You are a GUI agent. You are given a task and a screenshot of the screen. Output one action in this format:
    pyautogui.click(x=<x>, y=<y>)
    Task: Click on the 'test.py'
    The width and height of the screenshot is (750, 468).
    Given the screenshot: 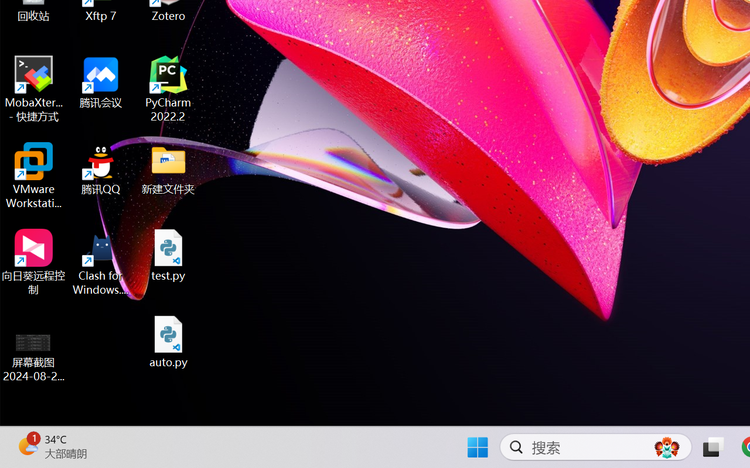 What is the action you would take?
    pyautogui.click(x=168, y=254)
    